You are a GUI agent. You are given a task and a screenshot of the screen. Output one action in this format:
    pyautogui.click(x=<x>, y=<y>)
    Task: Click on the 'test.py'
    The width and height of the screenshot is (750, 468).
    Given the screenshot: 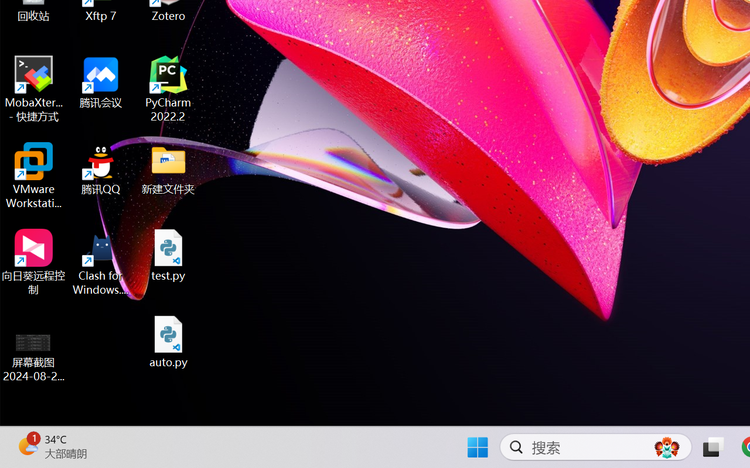 What is the action you would take?
    pyautogui.click(x=168, y=254)
    